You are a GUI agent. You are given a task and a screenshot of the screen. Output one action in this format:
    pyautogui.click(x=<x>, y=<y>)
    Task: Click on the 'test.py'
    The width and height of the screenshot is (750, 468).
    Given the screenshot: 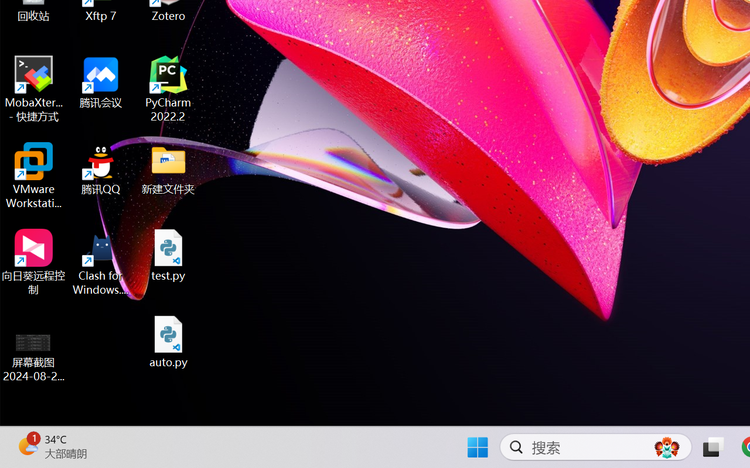 What is the action you would take?
    pyautogui.click(x=168, y=254)
    